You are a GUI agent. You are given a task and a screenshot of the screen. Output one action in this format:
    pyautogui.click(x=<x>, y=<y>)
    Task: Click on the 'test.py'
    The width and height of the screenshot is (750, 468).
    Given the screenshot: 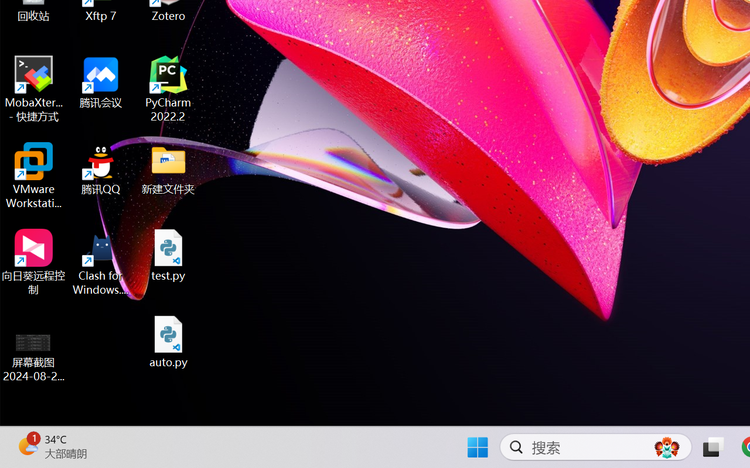 What is the action you would take?
    pyautogui.click(x=168, y=254)
    